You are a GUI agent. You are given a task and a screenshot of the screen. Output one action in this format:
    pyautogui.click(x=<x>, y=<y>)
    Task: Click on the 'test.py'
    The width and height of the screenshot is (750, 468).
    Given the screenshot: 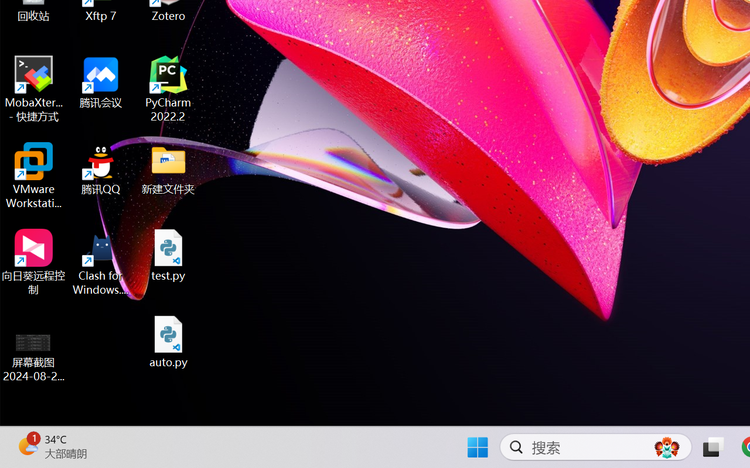 What is the action you would take?
    pyautogui.click(x=168, y=254)
    